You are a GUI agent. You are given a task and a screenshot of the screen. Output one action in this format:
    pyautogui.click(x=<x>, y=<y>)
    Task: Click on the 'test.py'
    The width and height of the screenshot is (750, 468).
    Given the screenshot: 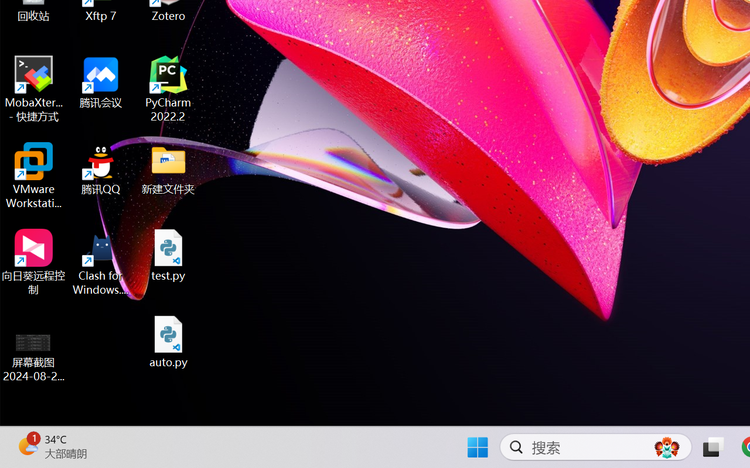 What is the action you would take?
    pyautogui.click(x=168, y=254)
    